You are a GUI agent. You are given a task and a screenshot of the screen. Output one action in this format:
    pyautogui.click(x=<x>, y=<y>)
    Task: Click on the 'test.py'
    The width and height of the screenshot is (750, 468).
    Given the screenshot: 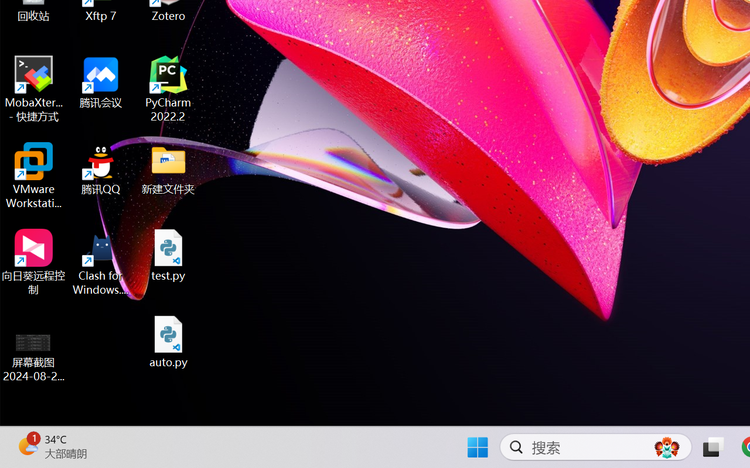 What is the action you would take?
    pyautogui.click(x=168, y=254)
    